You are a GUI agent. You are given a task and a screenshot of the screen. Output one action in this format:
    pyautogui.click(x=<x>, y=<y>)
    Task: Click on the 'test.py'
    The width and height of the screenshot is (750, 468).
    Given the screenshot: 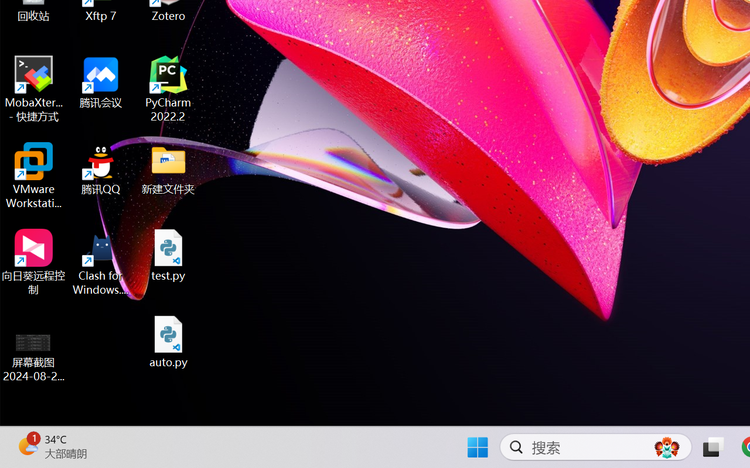 What is the action you would take?
    pyautogui.click(x=168, y=254)
    